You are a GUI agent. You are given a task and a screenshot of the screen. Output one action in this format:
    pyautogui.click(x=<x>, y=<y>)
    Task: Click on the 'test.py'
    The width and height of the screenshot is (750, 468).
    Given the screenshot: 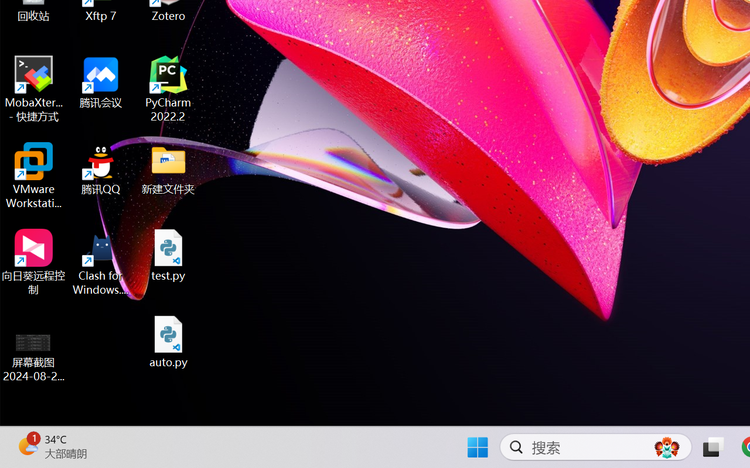 What is the action you would take?
    pyautogui.click(x=168, y=254)
    